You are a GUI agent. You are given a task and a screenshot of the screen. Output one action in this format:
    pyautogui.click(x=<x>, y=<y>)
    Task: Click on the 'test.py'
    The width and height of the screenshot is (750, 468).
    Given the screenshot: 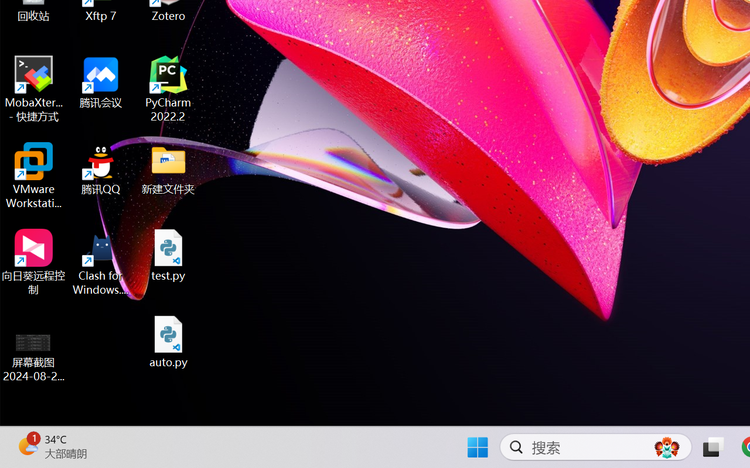 What is the action you would take?
    pyautogui.click(x=168, y=254)
    